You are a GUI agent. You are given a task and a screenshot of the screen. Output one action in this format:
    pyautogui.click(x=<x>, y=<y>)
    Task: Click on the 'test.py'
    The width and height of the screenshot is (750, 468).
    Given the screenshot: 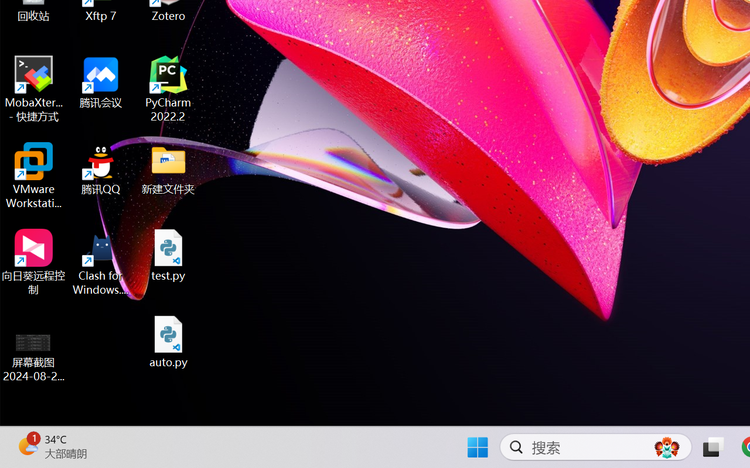 What is the action you would take?
    pyautogui.click(x=168, y=254)
    